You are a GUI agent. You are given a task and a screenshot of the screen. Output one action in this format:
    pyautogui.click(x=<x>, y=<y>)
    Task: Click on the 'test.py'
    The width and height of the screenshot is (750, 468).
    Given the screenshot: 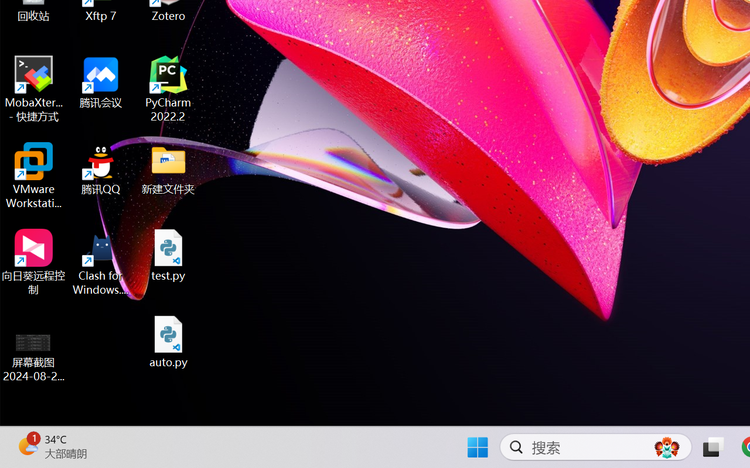 What is the action you would take?
    pyautogui.click(x=168, y=254)
    